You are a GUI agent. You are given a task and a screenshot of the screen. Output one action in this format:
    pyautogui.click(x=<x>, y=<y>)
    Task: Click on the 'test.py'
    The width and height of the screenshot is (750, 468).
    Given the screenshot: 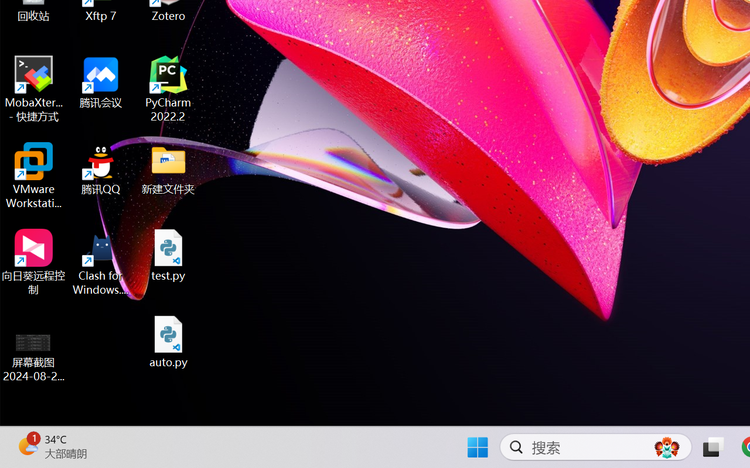 What is the action you would take?
    pyautogui.click(x=168, y=254)
    